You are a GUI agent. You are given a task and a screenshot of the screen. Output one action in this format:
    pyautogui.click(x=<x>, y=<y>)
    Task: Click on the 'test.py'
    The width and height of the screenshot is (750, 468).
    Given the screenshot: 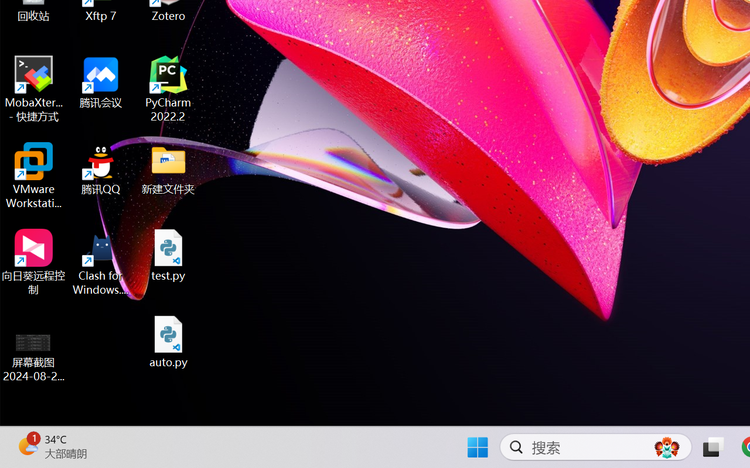 What is the action you would take?
    pyautogui.click(x=168, y=254)
    